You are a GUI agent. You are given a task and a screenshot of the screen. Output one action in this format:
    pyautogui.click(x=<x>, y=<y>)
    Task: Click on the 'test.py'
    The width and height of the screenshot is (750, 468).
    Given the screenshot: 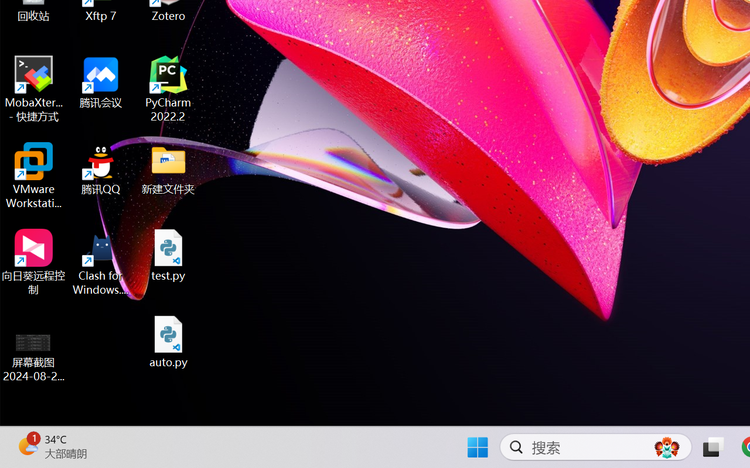 What is the action you would take?
    pyautogui.click(x=168, y=254)
    